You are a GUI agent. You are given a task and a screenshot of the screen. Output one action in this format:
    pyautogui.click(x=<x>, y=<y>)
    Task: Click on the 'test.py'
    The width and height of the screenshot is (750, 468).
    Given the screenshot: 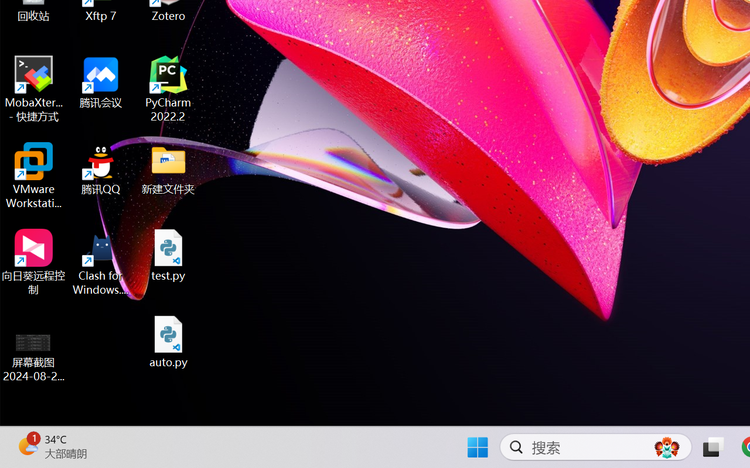 What is the action you would take?
    pyautogui.click(x=168, y=254)
    